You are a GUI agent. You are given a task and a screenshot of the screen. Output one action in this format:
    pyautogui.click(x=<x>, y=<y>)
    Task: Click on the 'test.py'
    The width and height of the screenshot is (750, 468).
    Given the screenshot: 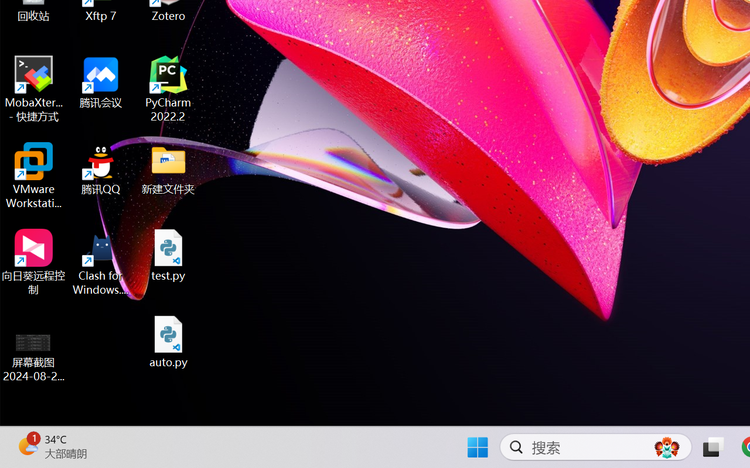 What is the action you would take?
    pyautogui.click(x=168, y=254)
    